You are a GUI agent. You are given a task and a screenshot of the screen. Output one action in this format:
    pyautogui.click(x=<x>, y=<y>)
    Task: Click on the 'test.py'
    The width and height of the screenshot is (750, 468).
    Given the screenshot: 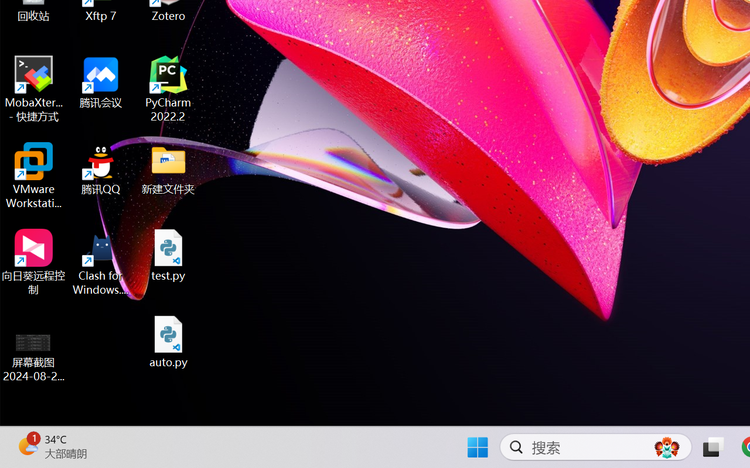 What is the action you would take?
    pyautogui.click(x=168, y=254)
    